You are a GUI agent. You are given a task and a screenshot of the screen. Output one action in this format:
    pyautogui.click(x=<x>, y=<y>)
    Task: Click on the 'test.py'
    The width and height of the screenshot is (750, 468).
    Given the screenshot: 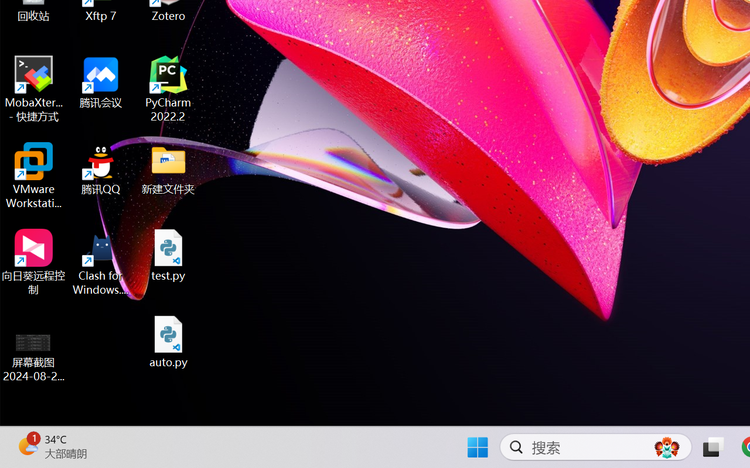 What is the action you would take?
    pyautogui.click(x=168, y=254)
    